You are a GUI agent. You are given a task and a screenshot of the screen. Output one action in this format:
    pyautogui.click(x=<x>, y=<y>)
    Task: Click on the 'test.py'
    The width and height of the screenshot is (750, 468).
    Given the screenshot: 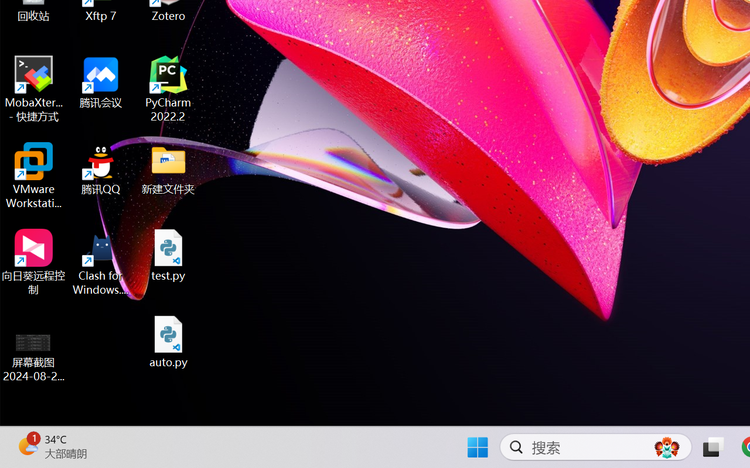 What is the action you would take?
    pyautogui.click(x=168, y=254)
    